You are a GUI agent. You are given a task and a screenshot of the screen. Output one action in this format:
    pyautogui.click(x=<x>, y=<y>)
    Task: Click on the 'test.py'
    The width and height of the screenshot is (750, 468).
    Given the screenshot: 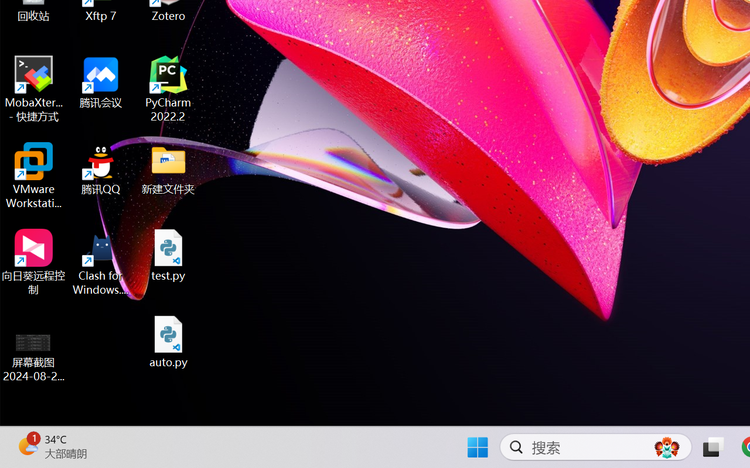 What is the action you would take?
    pyautogui.click(x=168, y=254)
    